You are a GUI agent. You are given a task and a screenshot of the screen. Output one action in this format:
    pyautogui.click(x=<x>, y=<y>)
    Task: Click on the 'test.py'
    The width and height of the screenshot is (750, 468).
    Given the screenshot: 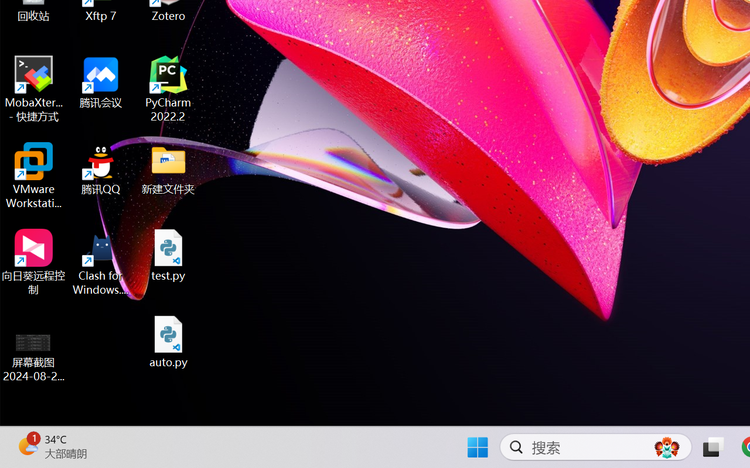 What is the action you would take?
    pyautogui.click(x=168, y=254)
    